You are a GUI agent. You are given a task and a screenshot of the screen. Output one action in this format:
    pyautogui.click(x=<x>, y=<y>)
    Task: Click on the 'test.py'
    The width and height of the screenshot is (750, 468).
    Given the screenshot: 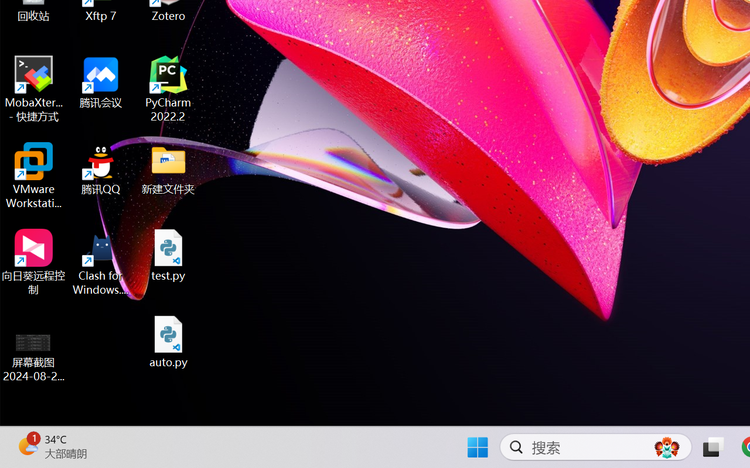 What is the action you would take?
    pyautogui.click(x=168, y=254)
    